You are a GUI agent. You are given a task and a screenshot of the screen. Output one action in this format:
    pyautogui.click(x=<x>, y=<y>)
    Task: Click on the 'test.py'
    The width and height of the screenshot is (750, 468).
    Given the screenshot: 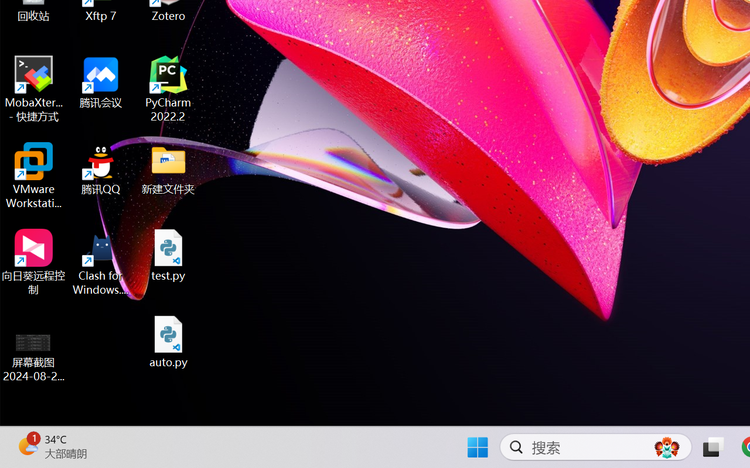 What is the action you would take?
    pyautogui.click(x=168, y=254)
    